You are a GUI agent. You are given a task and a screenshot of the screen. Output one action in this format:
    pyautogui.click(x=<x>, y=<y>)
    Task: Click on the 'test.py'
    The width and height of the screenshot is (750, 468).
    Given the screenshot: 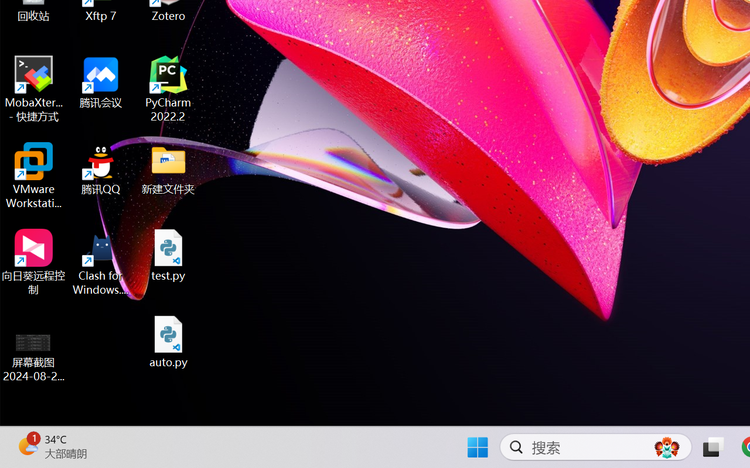 What is the action you would take?
    pyautogui.click(x=168, y=254)
    